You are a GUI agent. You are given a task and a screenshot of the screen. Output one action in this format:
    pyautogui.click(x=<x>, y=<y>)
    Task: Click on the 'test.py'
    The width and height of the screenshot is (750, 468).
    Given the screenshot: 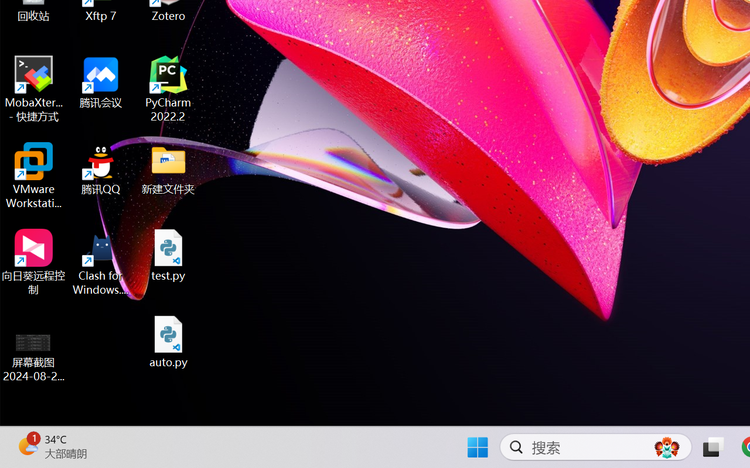 What is the action you would take?
    pyautogui.click(x=168, y=254)
    